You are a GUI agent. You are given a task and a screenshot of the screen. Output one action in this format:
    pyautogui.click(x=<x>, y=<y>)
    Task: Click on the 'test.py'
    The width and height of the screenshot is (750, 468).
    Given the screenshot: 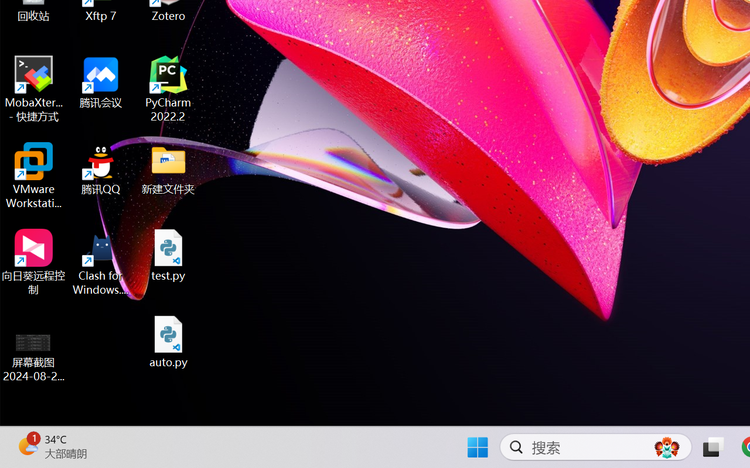 What is the action you would take?
    pyautogui.click(x=168, y=254)
    